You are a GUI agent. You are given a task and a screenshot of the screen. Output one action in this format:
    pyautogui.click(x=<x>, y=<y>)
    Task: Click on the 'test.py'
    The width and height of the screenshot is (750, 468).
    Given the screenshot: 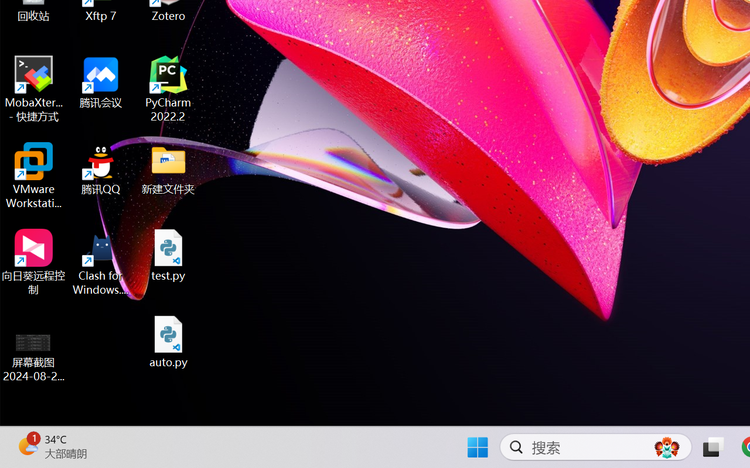 What is the action you would take?
    pyautogui.click(x=168, y=254)
    